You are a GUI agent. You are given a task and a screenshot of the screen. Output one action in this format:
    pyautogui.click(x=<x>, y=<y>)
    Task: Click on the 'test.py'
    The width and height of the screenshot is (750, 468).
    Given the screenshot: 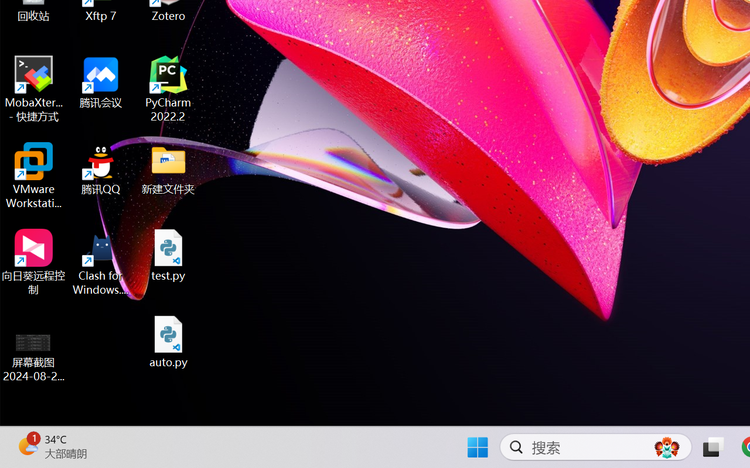 What is the action you would take?
    pyautogui.click(x=168, y=254)
    